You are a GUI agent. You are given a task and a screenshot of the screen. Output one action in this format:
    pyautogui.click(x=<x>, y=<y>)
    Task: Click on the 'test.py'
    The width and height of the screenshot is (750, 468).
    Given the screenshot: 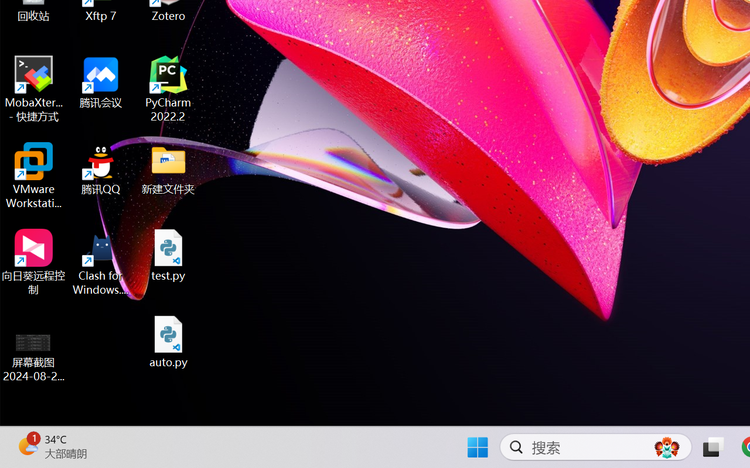 What is the action you would take?
    pyautogui.click(x=168, y=254)
    